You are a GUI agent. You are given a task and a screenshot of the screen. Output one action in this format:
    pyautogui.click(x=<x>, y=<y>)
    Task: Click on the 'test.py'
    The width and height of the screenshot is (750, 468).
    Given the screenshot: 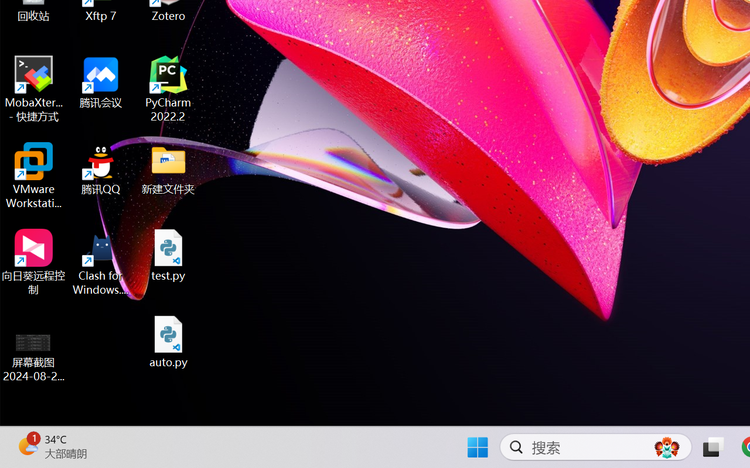 What is the action you would take?
    pyautogui.click(x=168, y=254)
    